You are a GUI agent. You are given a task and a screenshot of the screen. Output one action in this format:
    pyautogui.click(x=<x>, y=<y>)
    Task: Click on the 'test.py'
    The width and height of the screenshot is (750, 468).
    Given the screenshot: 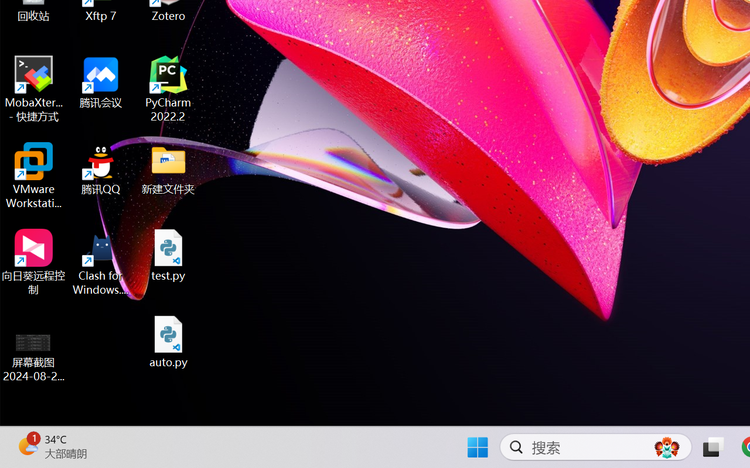 What is the action you would take?
    pyautogui.click(x=168, y=254)
    